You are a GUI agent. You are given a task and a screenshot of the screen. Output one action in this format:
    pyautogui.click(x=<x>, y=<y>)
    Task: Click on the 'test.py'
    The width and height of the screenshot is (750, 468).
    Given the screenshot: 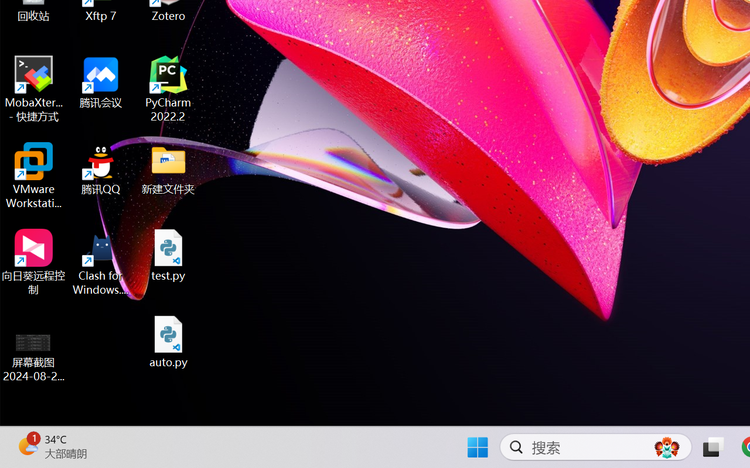 What is the action you would take?
    pyautogui.click(x=168, y=254)
    